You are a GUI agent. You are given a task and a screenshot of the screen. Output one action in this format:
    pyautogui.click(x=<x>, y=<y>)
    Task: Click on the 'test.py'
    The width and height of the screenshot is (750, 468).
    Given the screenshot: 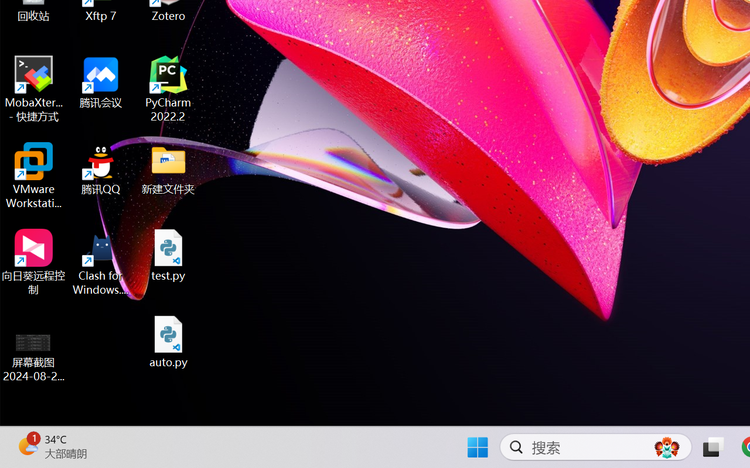 What is the action you would take?
    pyautogui.click(x=168, y=254)
    